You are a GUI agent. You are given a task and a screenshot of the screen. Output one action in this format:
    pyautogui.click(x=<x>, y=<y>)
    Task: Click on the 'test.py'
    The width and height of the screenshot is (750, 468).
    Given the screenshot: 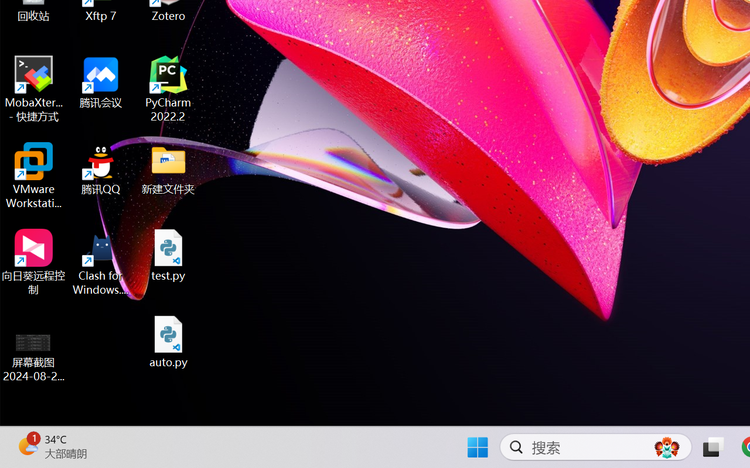 What is the action you would take?
    pyautogui.click(x=168, y=254)
    